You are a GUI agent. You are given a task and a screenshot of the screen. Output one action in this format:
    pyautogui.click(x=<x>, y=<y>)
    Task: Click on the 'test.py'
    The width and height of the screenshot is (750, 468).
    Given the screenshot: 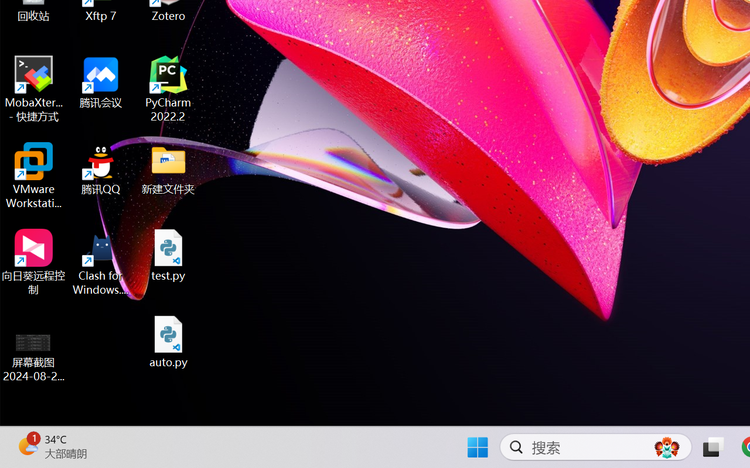 What is the action you would take?
    pyautogui.click(x=168, y=254)
    